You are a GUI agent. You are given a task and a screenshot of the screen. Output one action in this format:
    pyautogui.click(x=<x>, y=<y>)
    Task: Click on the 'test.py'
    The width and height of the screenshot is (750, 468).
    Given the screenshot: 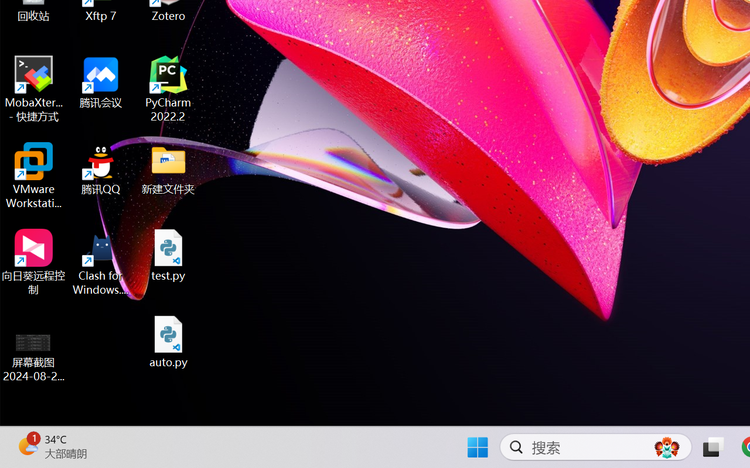 What is the action you would take?
    pyautogui.click(x=168, y=254)
    